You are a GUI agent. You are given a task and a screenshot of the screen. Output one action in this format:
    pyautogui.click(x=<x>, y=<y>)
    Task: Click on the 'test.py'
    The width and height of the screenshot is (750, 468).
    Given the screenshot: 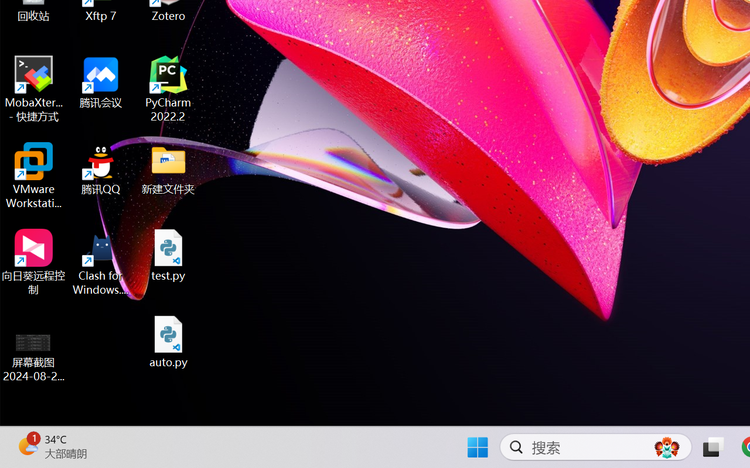 What is the action you would take?
    pyautogui.click(x=168, y=254)
    